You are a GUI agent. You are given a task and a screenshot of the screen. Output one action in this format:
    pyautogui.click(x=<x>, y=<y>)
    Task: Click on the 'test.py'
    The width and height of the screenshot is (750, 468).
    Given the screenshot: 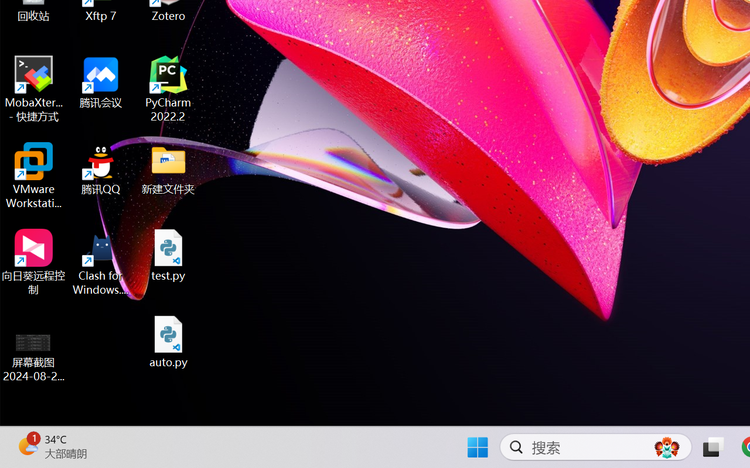 What is the action you would take?
    pyautogui.click(x=168, y=254)
    